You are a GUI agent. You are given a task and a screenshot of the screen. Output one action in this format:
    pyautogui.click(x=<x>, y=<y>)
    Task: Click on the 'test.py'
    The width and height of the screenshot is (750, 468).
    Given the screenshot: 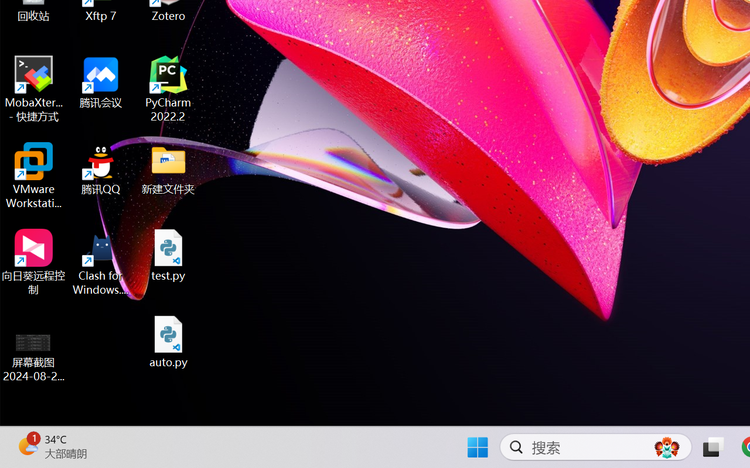 What is the action you would take?
    pyautogui.click(x=168, y=254)
    